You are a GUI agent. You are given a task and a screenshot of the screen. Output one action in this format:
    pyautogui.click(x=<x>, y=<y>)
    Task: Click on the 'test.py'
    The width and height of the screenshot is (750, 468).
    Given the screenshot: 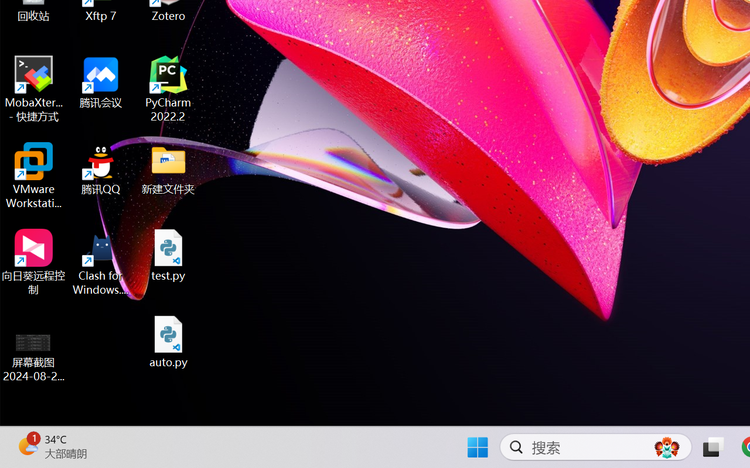 What is the action you would take?
    pyautogui.click(x=168, y=254)
    